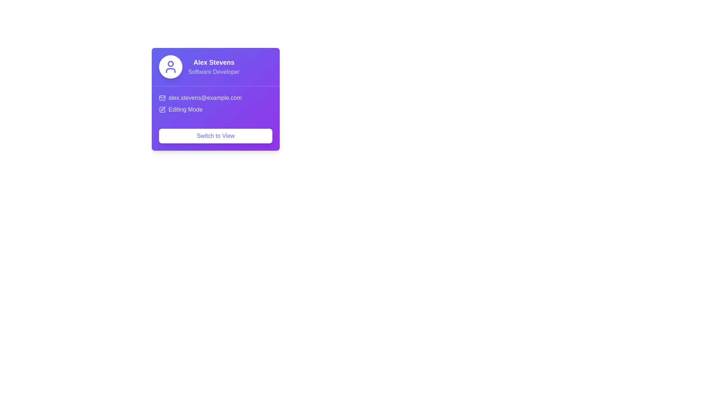  I want to click on the static label indicating the profession or designation of 'Alex Stevens', located beneath the name text on a purple card in the top-right section, so click(214, 72).